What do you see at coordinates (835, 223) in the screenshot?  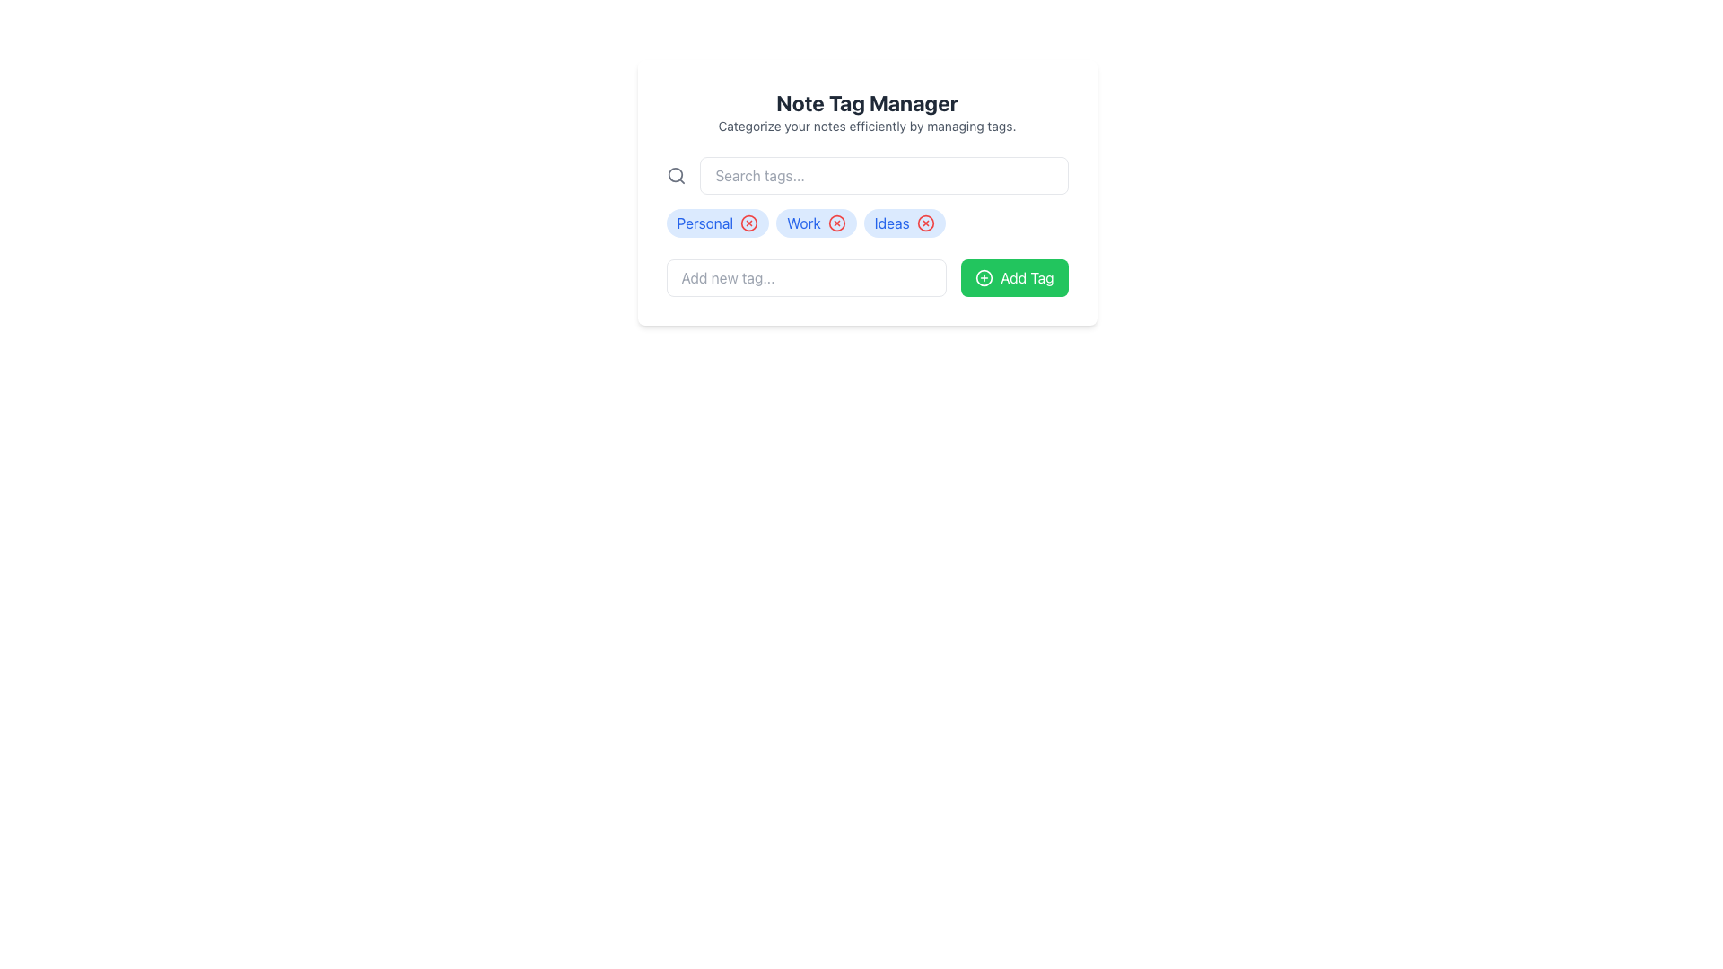 I see `the second circular icon to the right of the 'Work' tag label, which is used for tag management` at bounding box center [835, 223].